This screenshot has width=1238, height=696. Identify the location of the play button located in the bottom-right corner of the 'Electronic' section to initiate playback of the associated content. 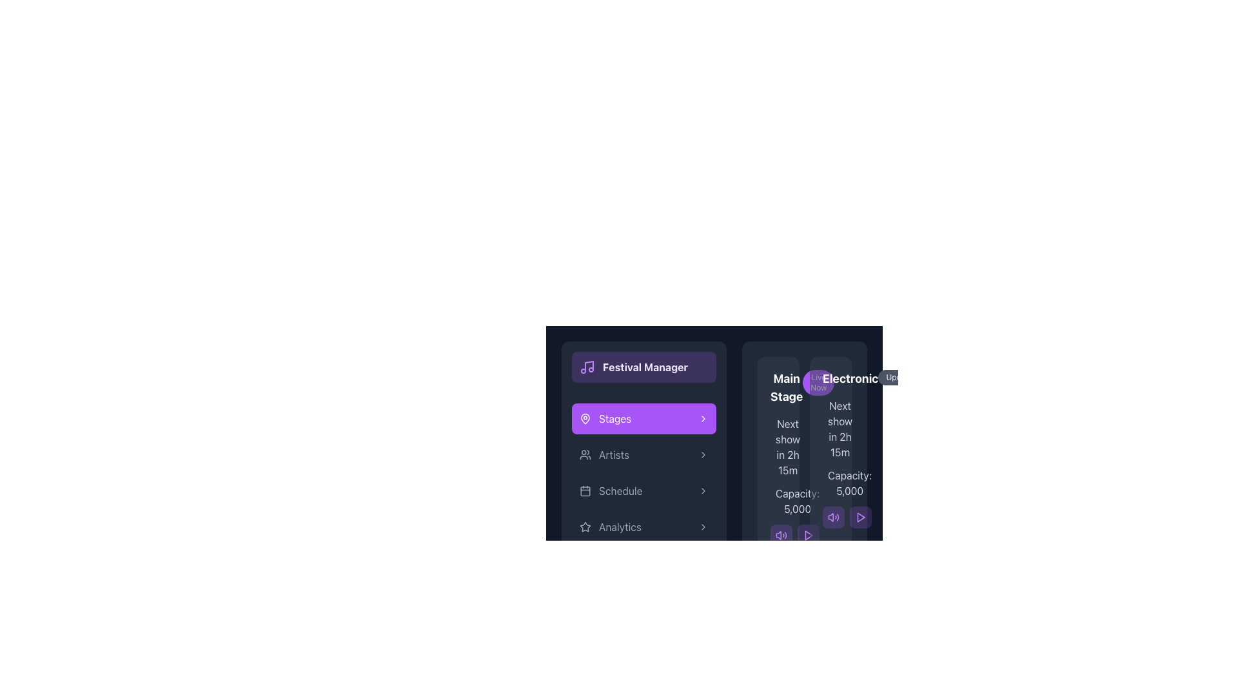
(860, 516).